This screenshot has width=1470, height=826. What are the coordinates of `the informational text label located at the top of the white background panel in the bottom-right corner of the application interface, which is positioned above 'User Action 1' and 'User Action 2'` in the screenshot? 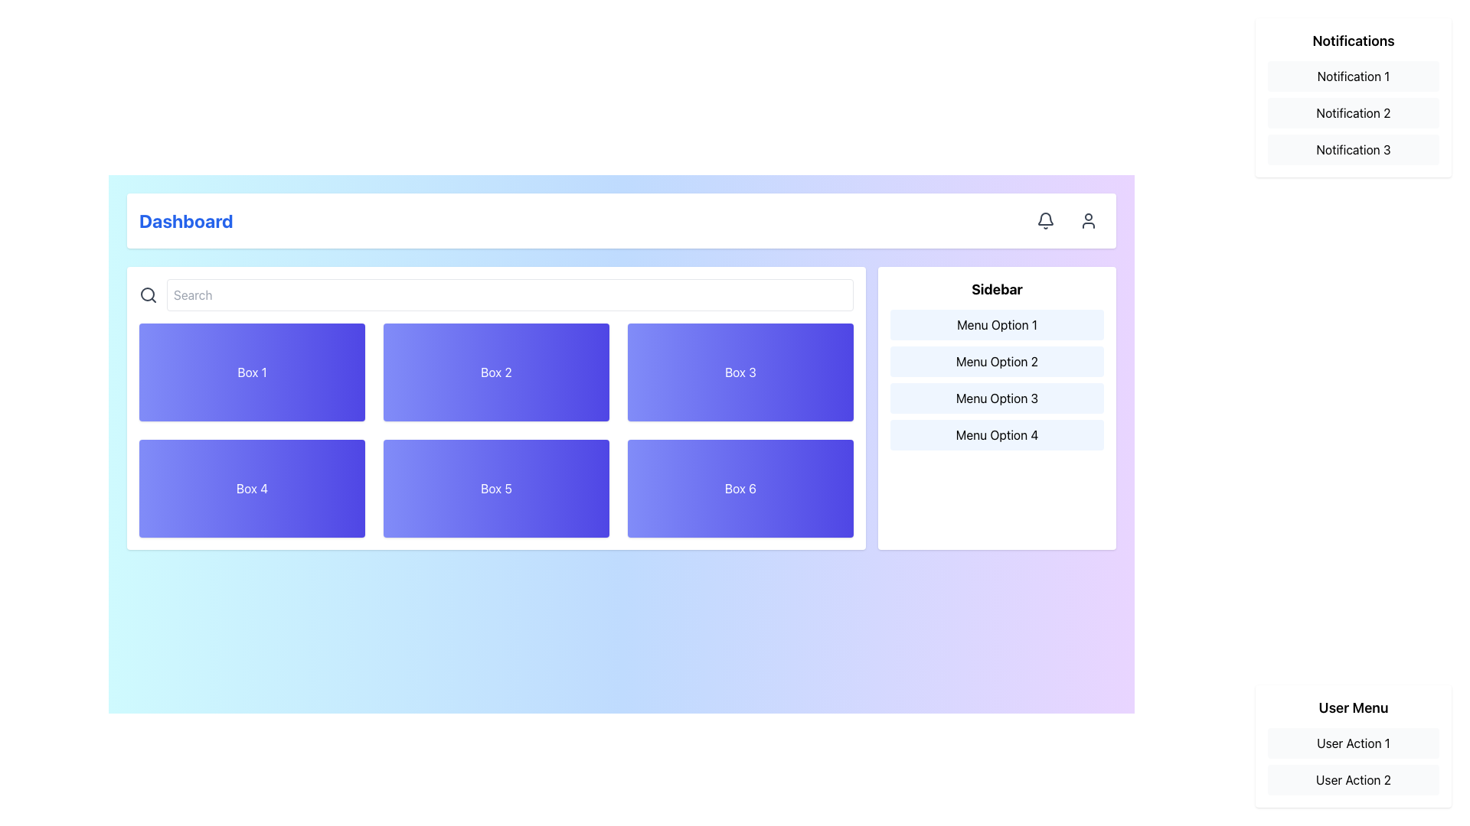 It's located at (1353, 707).